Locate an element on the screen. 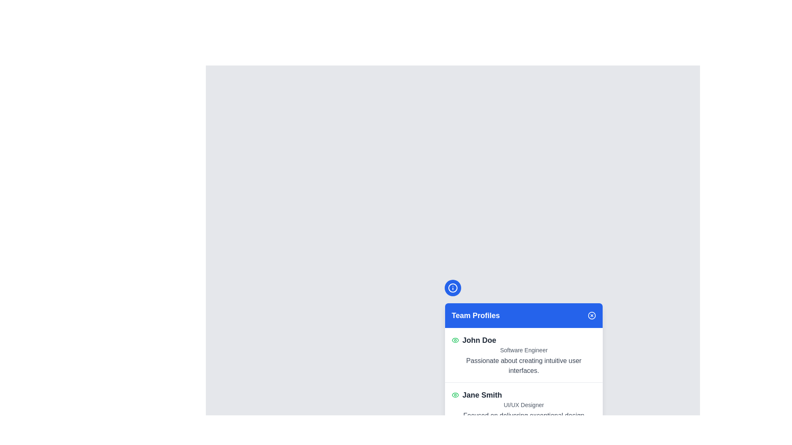  the circular close button with a blue background and white 'X' symbol located at the top-right corner of the 'Team Profiles' section's header is located at coordinates (592, 315).